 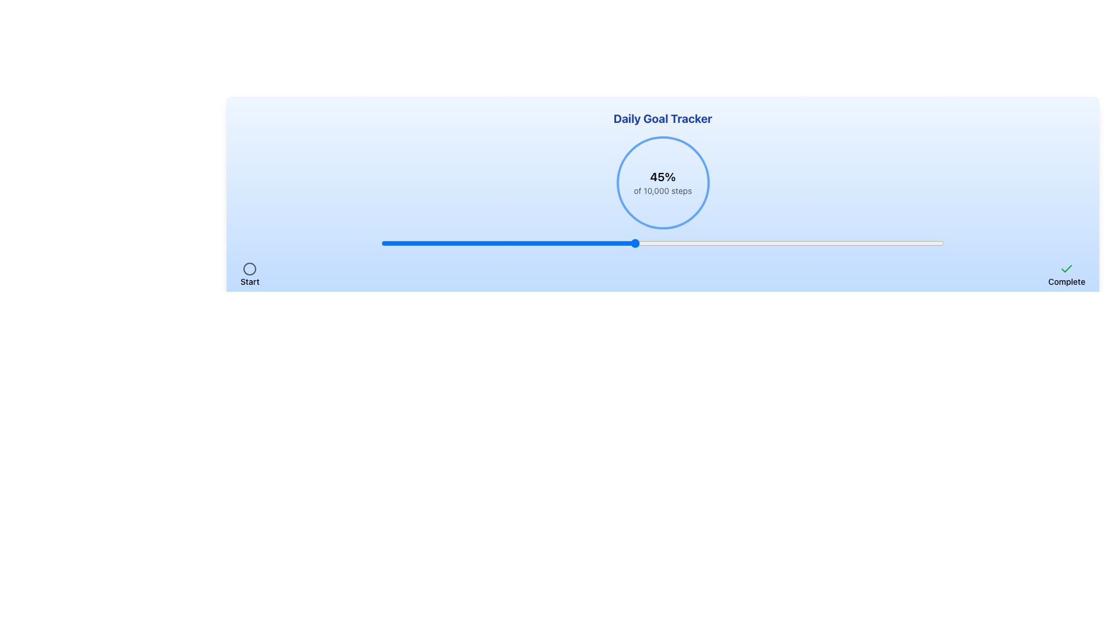 I want to click on the progress indicator located at the bottom of the 'Daily Goal Tracker' card, which spans horizontally between the 'Start' and 'Complete' labels, so click(x=663, y=274).